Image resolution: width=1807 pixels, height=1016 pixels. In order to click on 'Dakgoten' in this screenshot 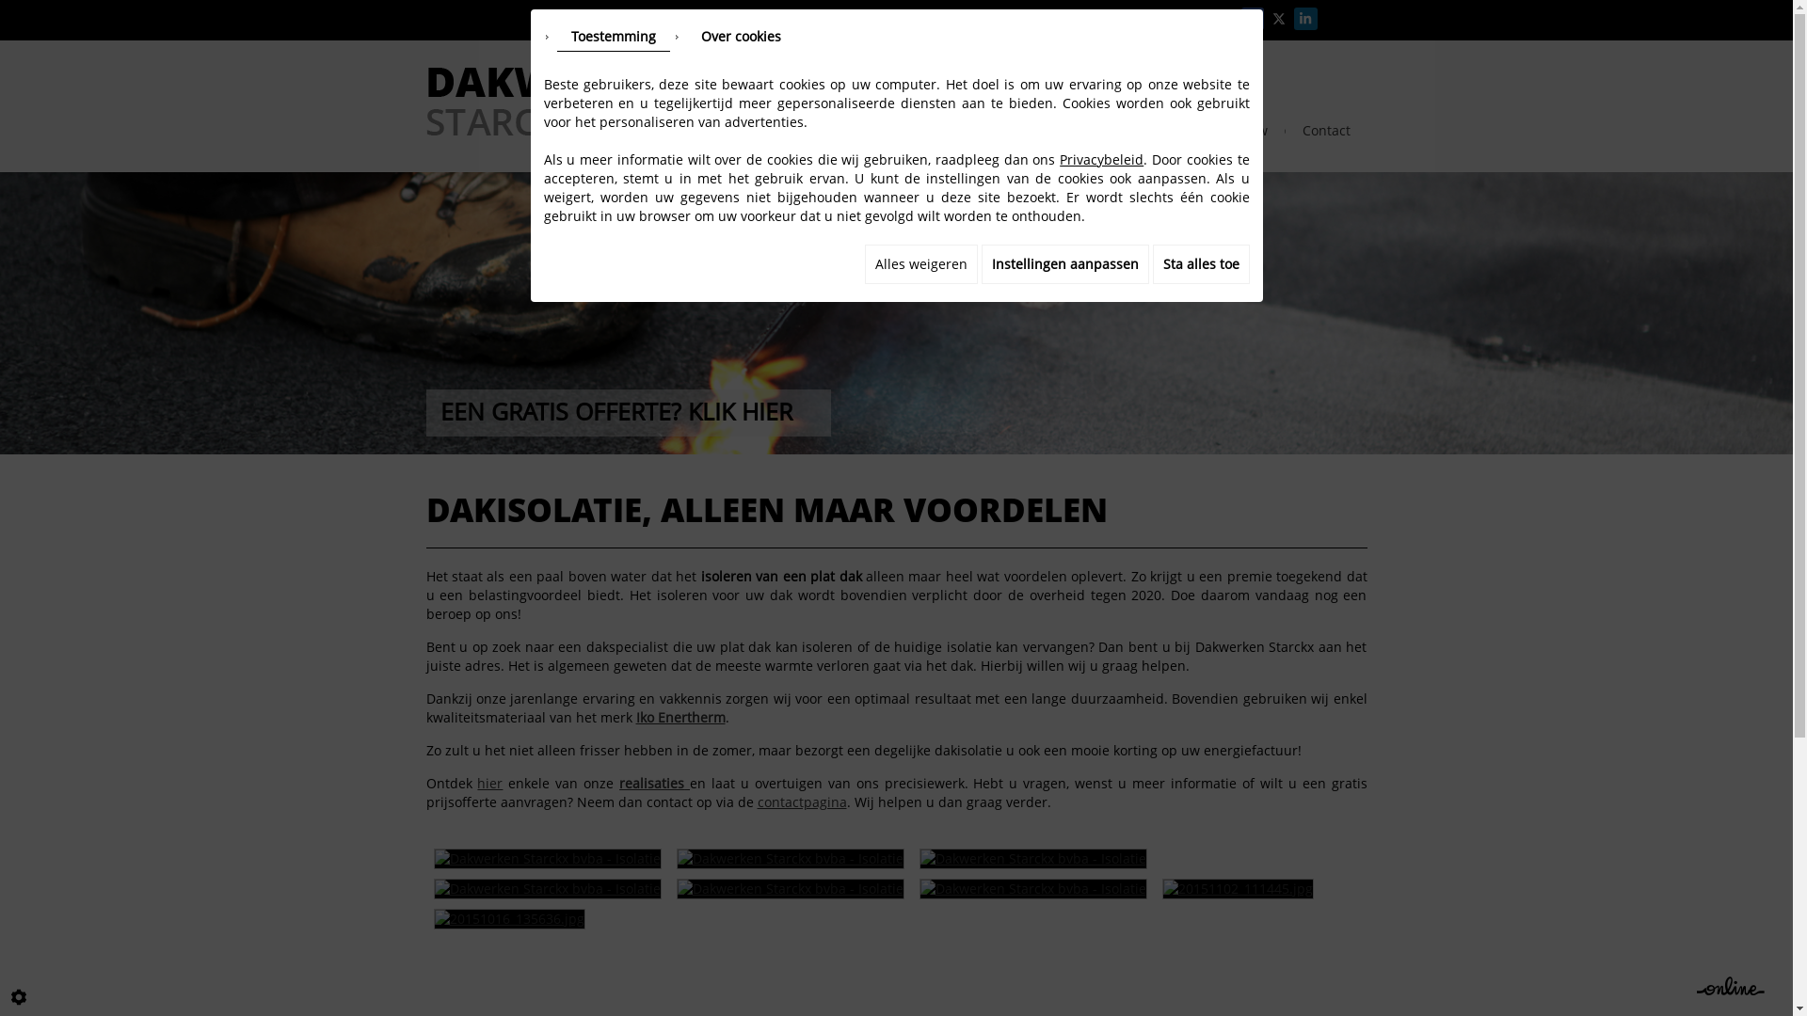, I will do `click(963, 129)`.